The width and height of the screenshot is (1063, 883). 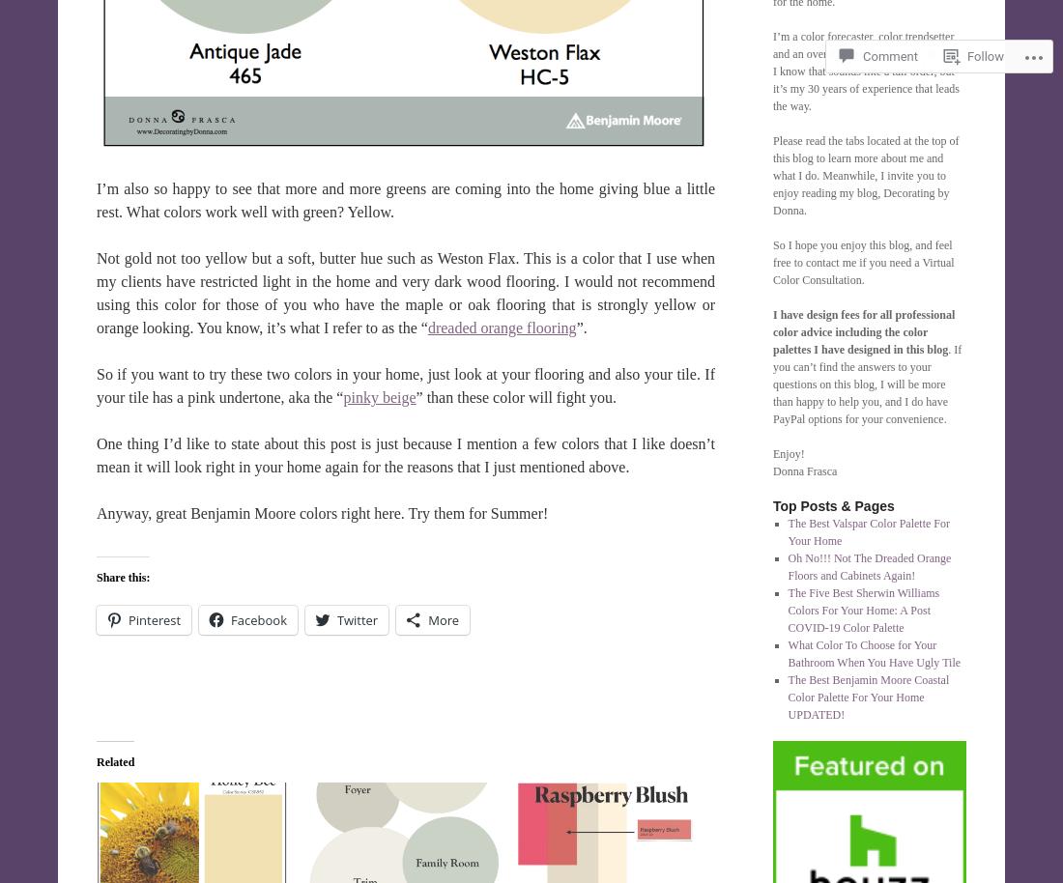 I want to click on 'The Best Valspar Color Palette For Your Home', so click(x=869, y=531).